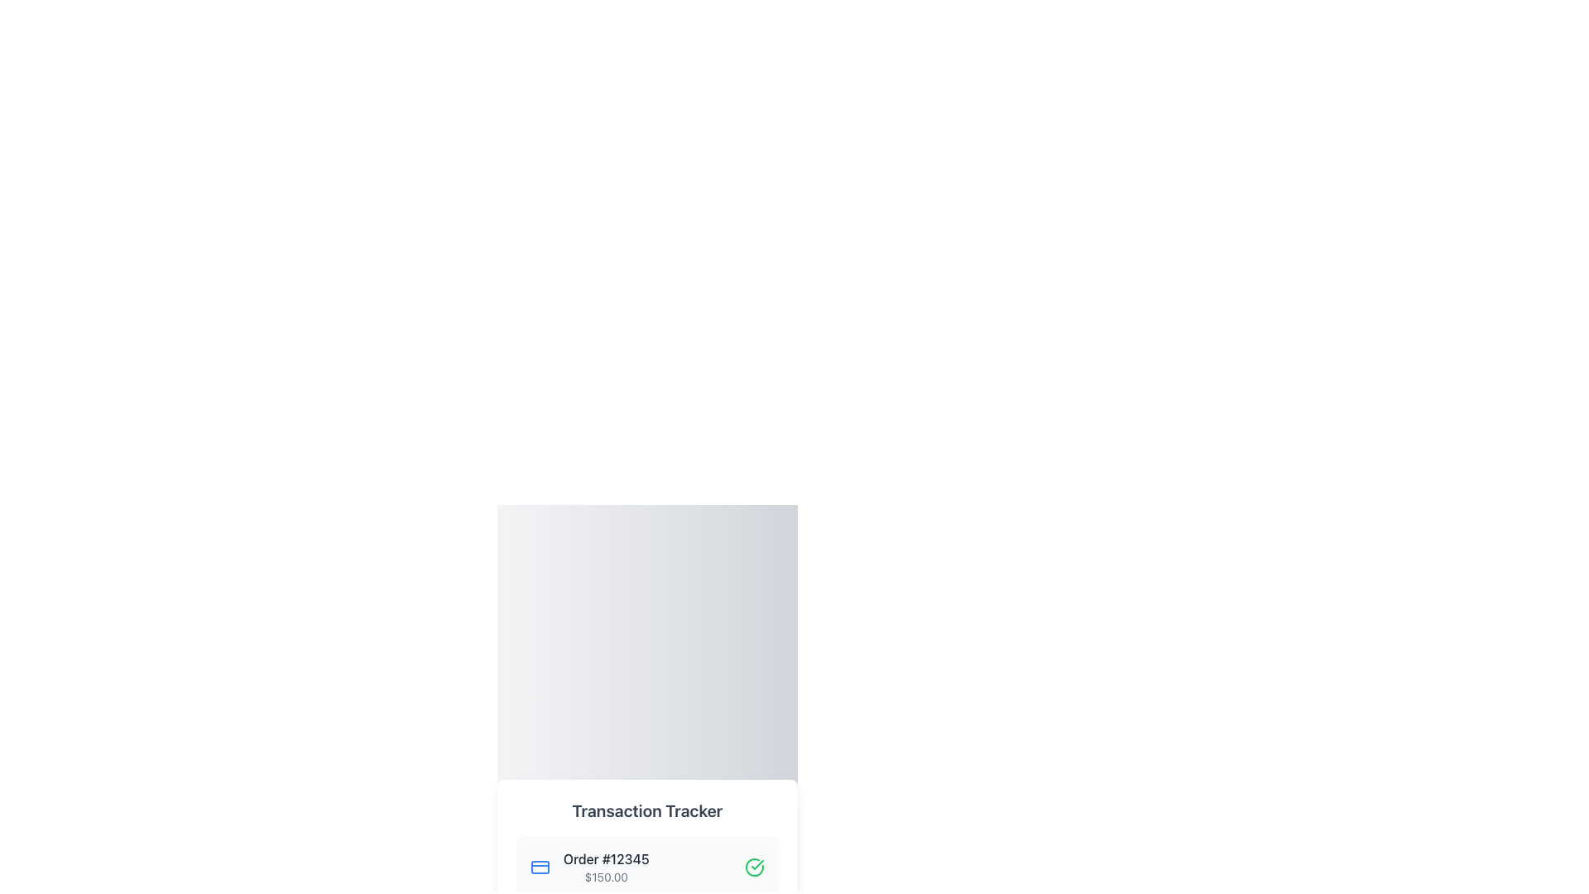  What do you see at coordinates (605, 867) in the screenshot?
I see `the Text Label displaying transaction information below the 'Transaction Tracker' header` at bounding box center [605, 867].